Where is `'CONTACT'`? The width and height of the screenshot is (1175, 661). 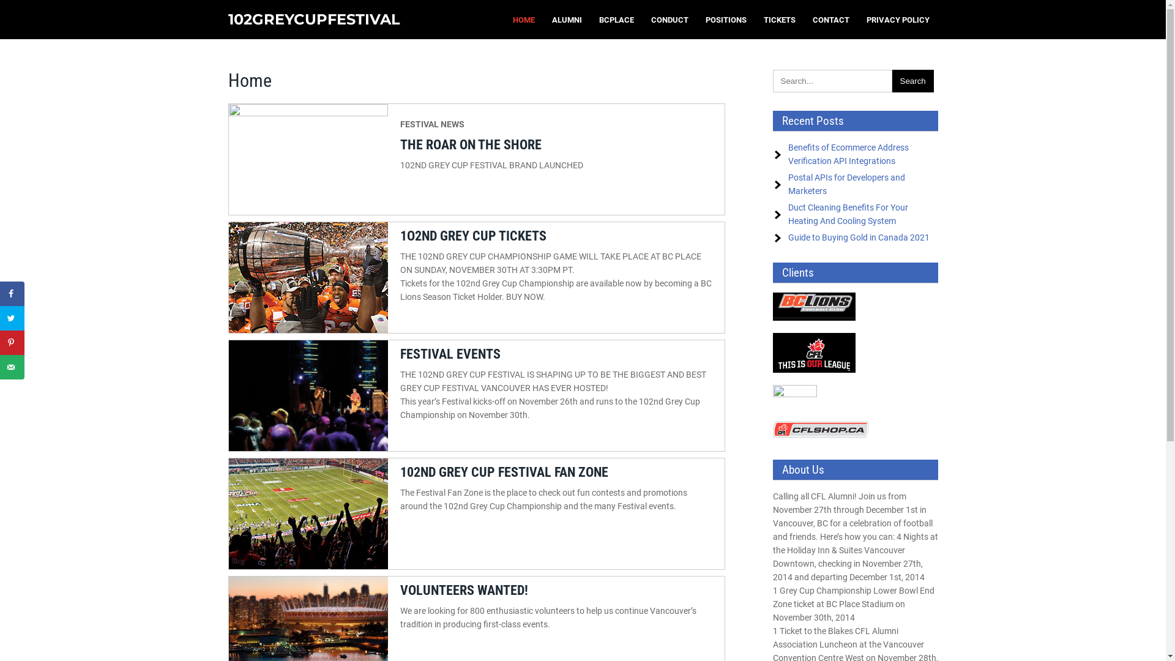 'CONTACT' is located at coordinates (831, 19).